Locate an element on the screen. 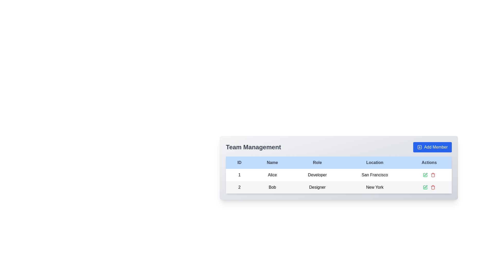 The height and width of the screenshot is (278, 494). label of the Table Header element labeled 'Name', which is the second column header in the table, visually distinct with bold dark gray font on a light blue background is located at coordinates (272, 163).